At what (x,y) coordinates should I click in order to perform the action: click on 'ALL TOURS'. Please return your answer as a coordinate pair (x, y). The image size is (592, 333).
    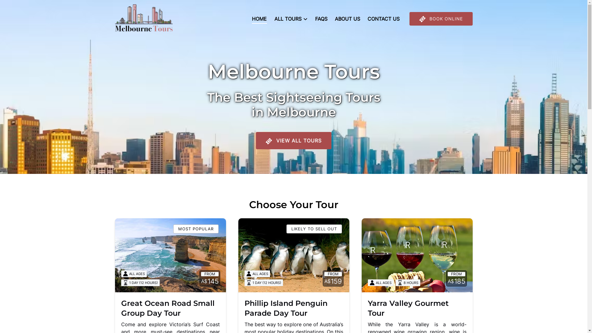
    Looking at the image, I should click on (291, 18).